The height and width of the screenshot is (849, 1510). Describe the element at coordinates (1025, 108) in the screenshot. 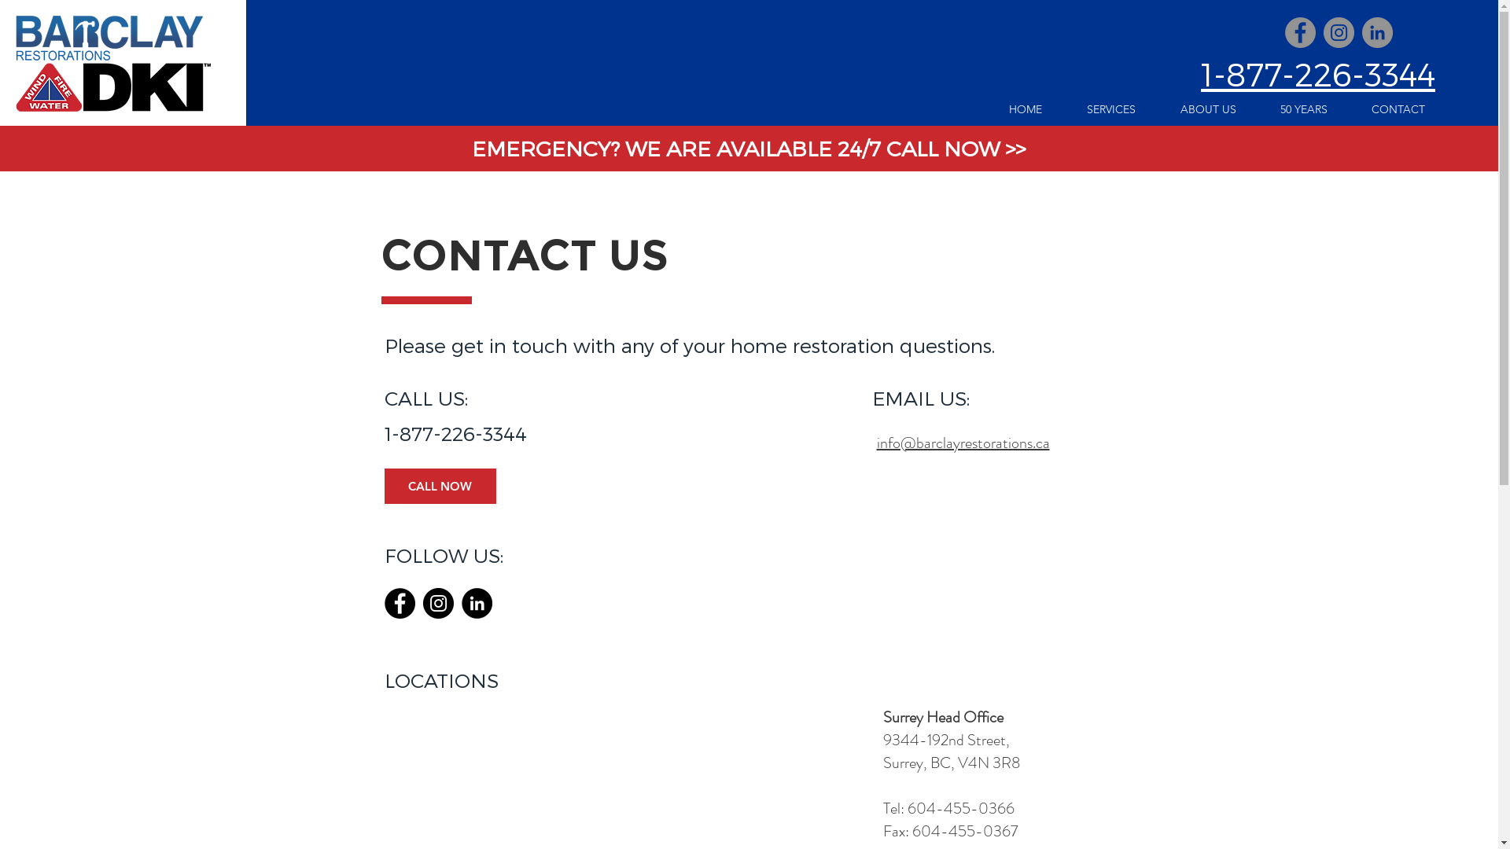

I see `'HOME'` at that location.